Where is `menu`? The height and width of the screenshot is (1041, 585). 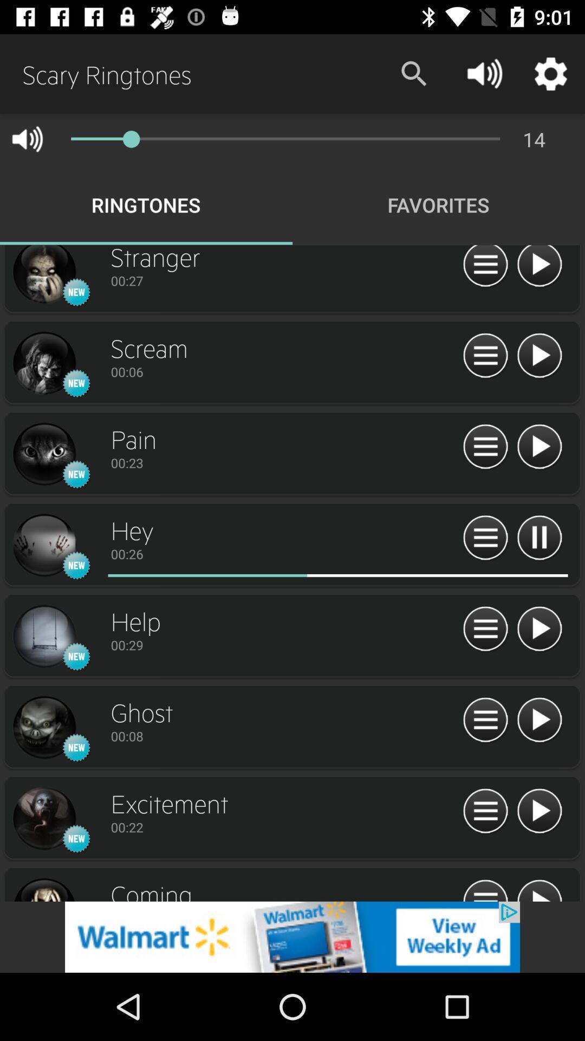 menu is located at coordinates (485, 356).